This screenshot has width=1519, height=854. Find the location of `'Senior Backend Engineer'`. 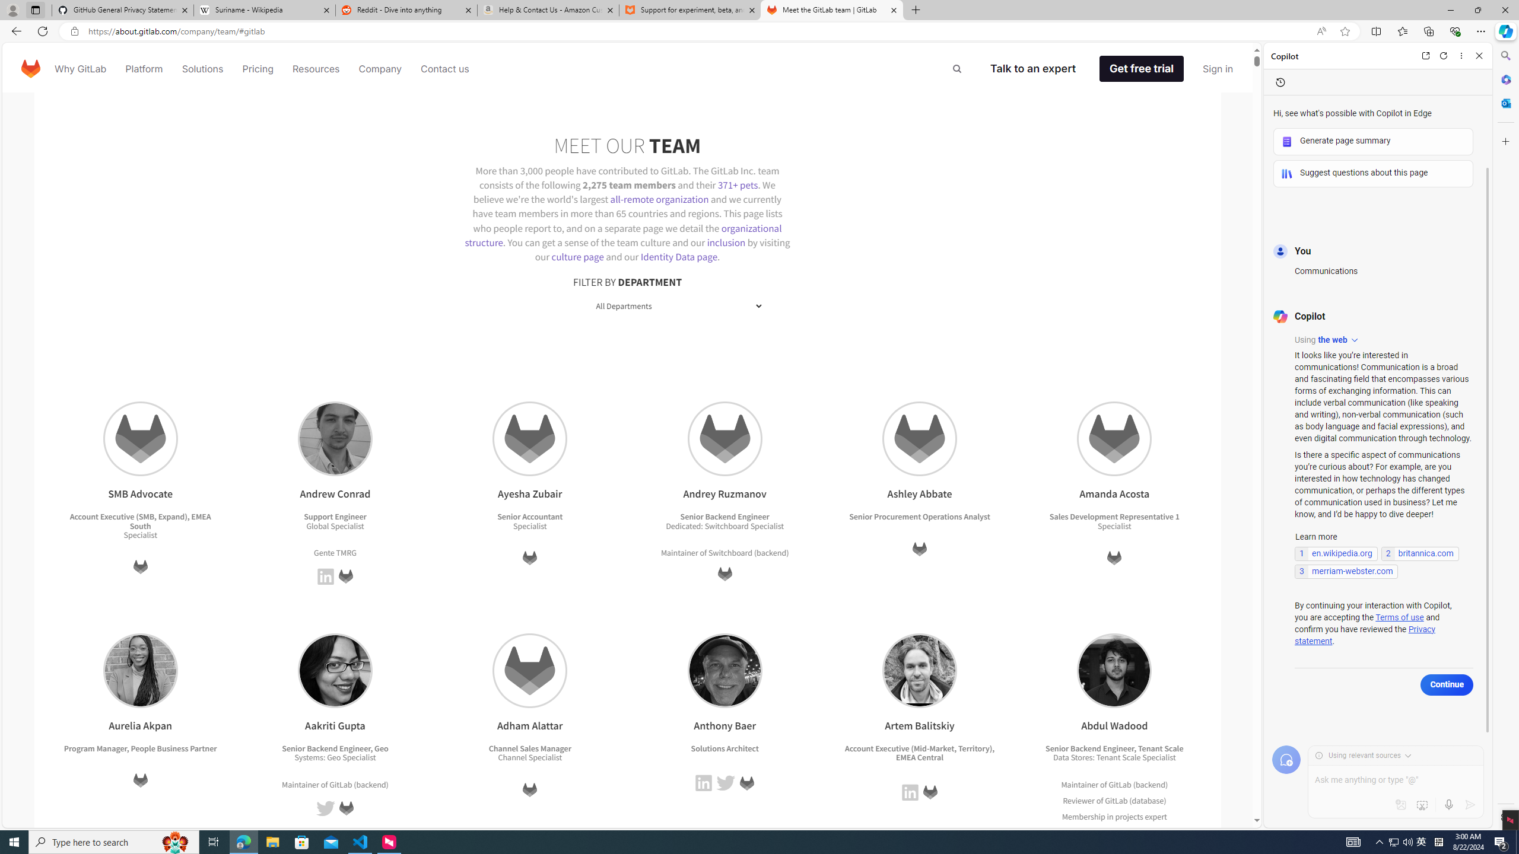

'Senior Backend Engineer' is located at coordinates (1089, 747).